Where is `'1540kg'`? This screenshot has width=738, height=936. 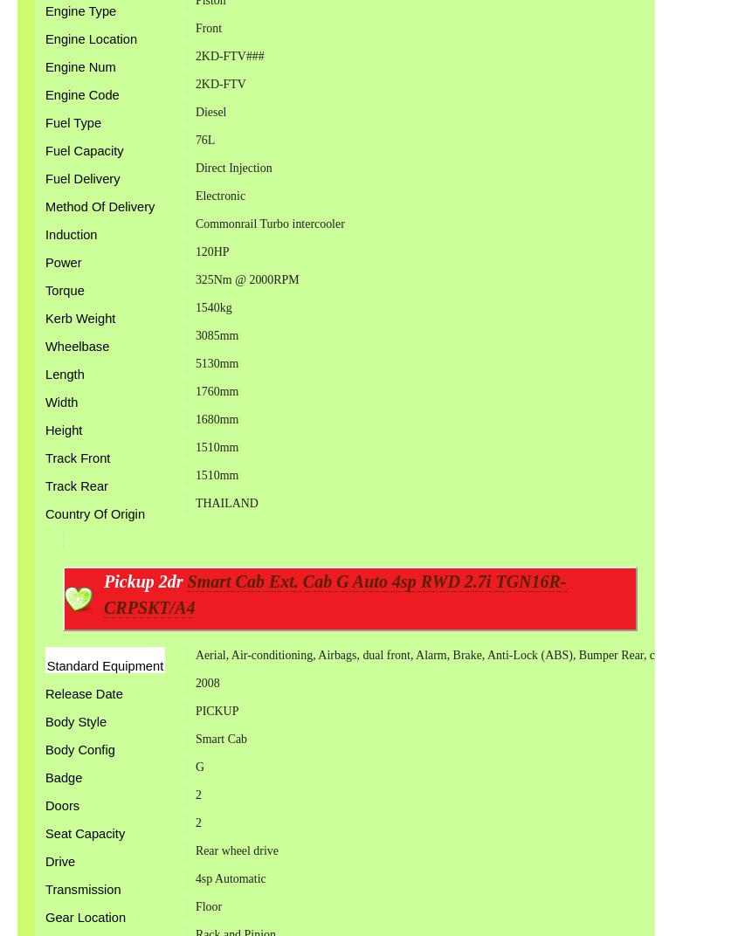 '1540kg' is located at coordinates (212, 306).